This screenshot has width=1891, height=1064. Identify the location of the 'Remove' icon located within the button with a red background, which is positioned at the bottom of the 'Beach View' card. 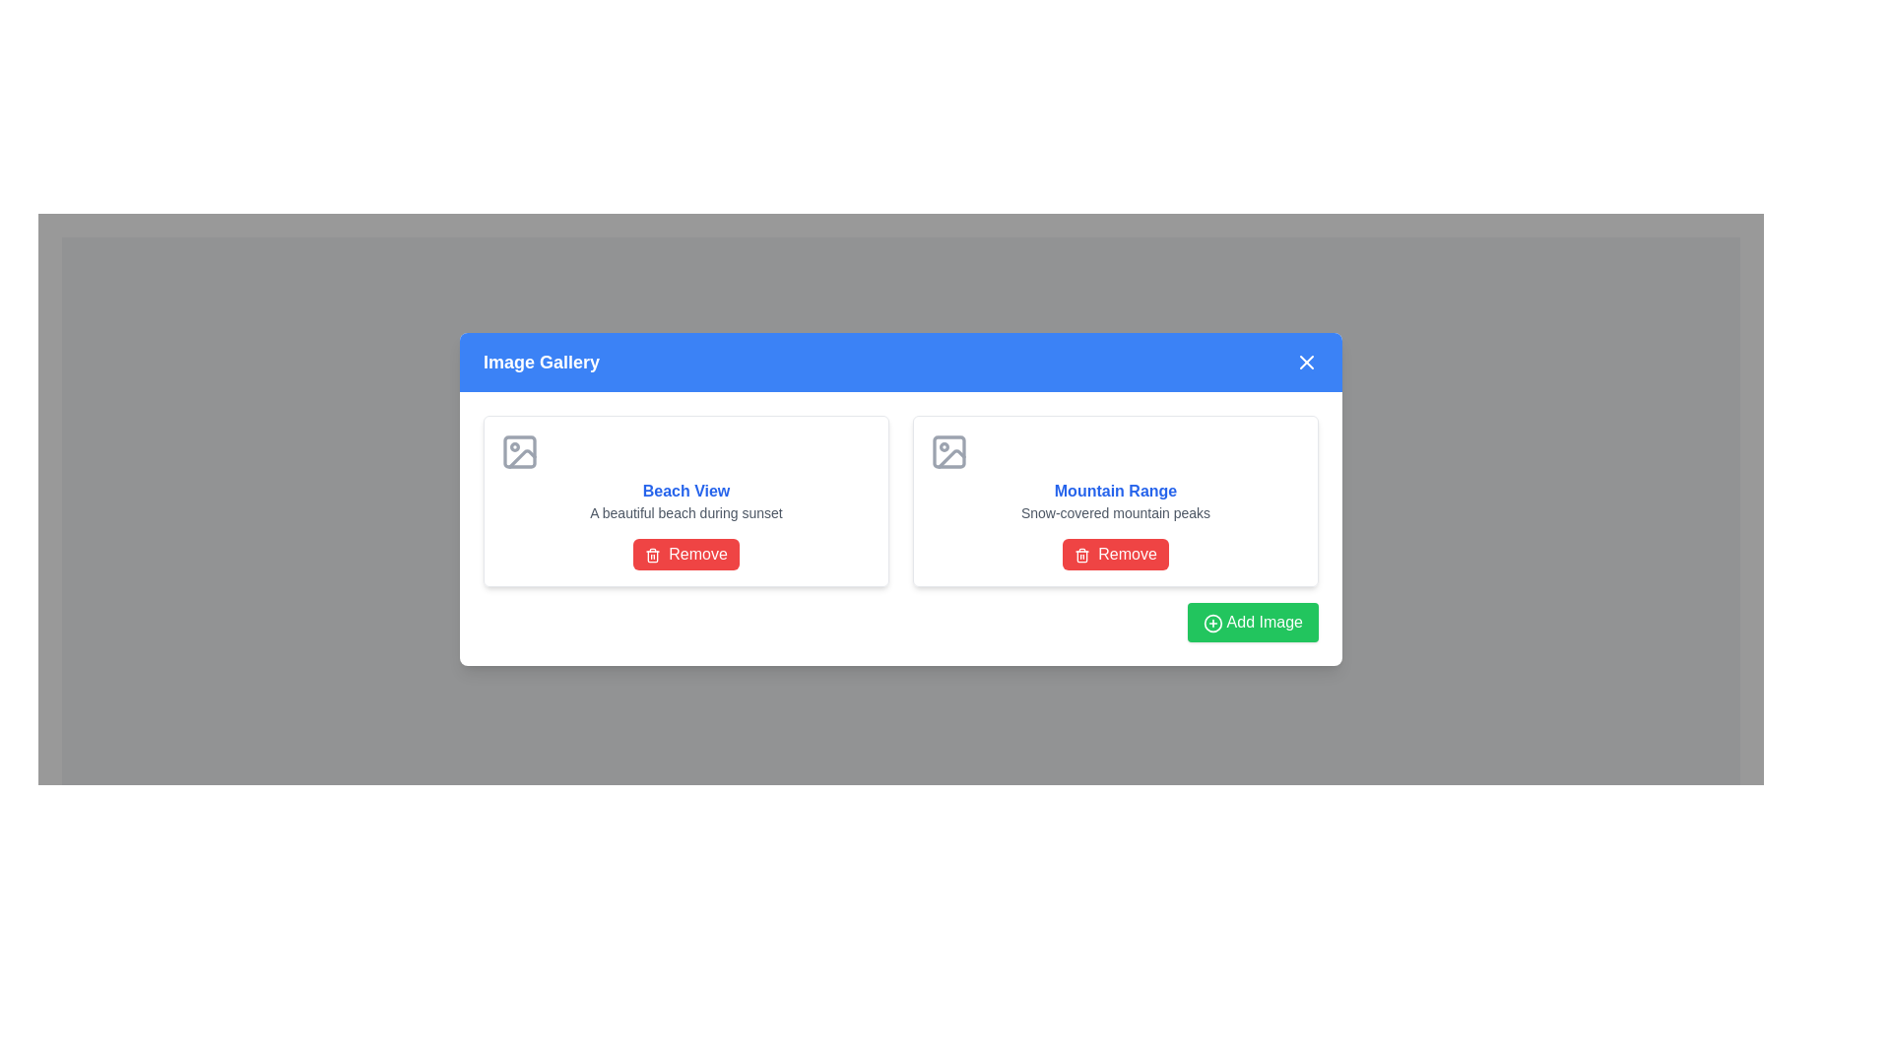
(653, 557).